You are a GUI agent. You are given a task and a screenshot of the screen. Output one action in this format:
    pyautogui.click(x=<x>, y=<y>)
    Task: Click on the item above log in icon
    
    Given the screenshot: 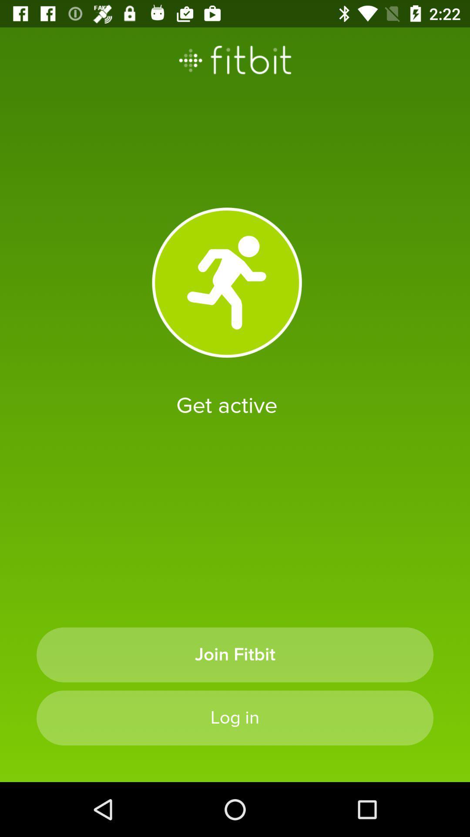 What is the action you would take?
    pyautogui.click(x=235, y=655)
    